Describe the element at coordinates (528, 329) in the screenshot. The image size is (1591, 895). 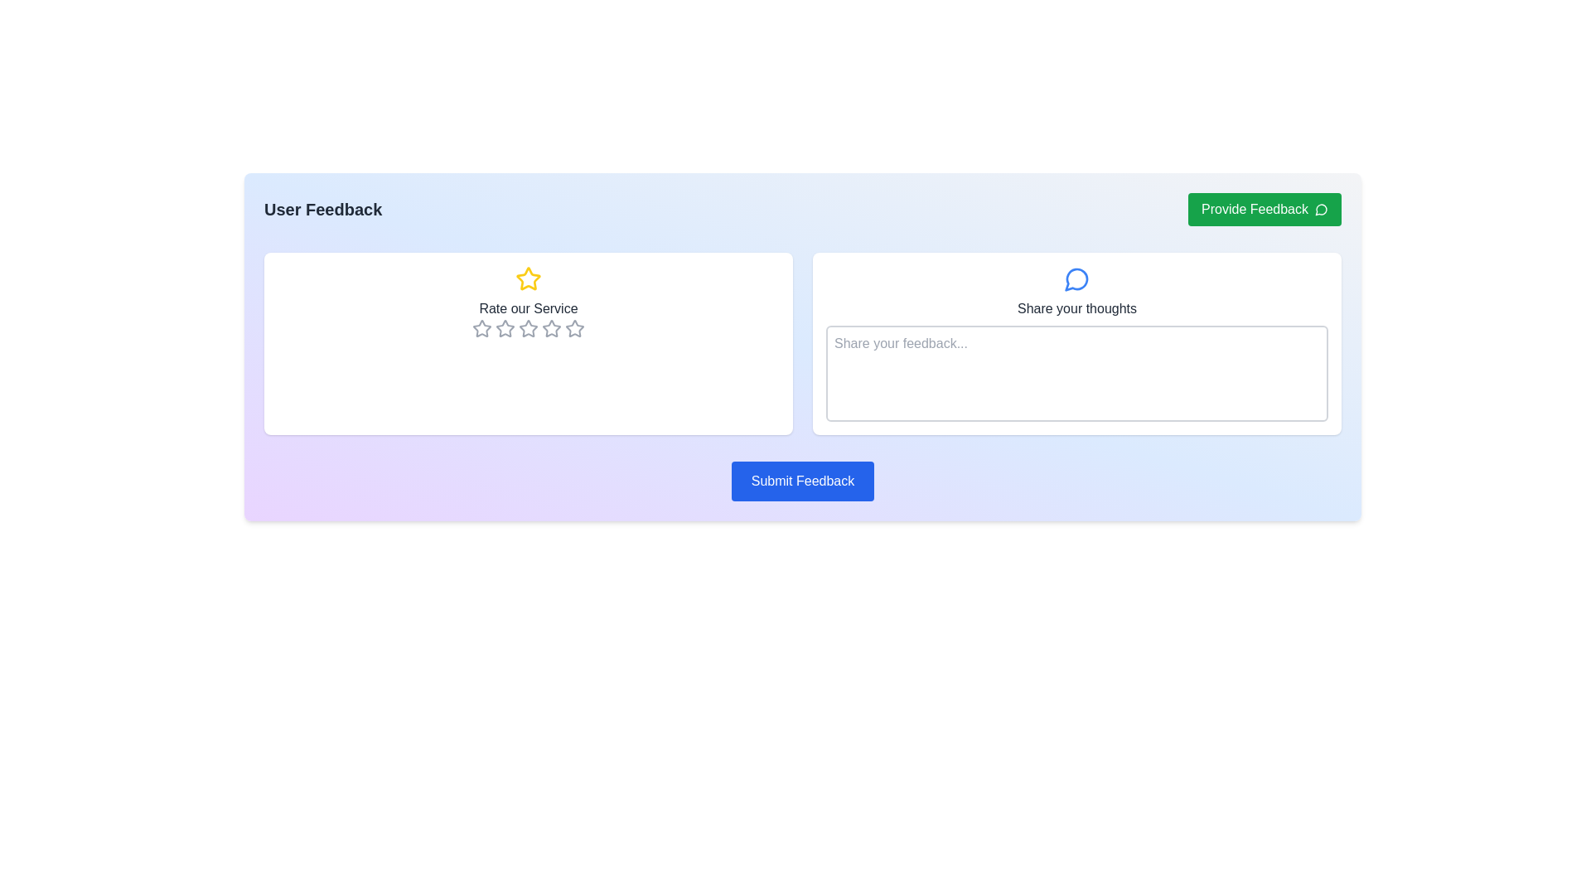
I see `the third star in the Rating Control (Stars) located in the feedback card labeled 'Rate our Service'` at that location.